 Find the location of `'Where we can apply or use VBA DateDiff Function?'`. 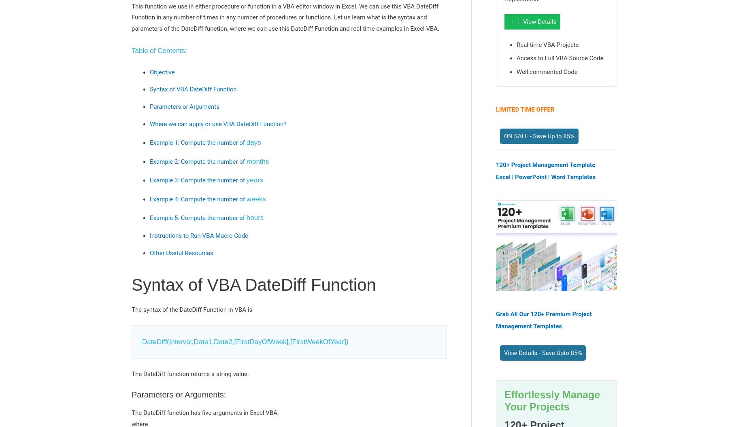

'Where we can apply or use VBA DateDiff Function?' is located at coordinates (218, 124).